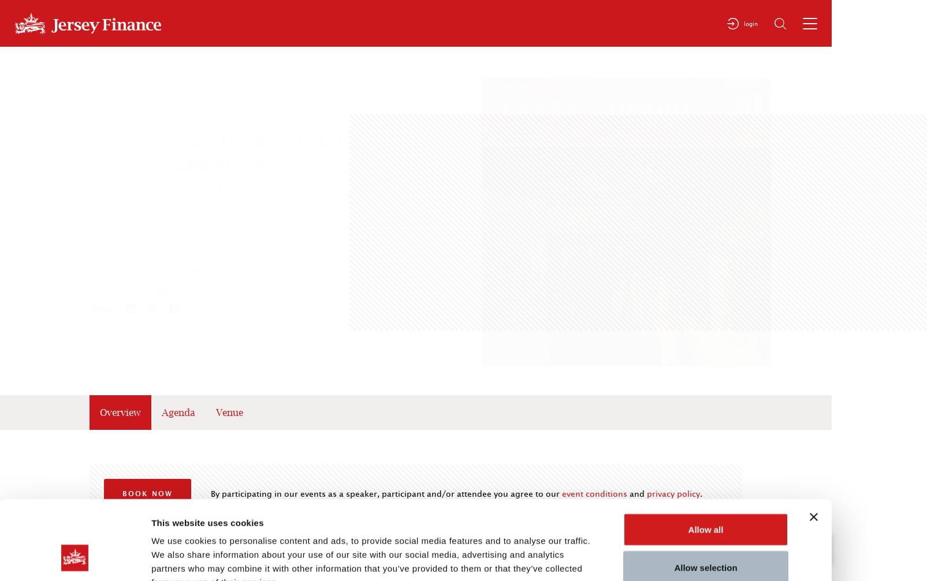  I want to click on 'Awards, Our Island, Business Directory, Sectors and Markets.', so click(784, 162).